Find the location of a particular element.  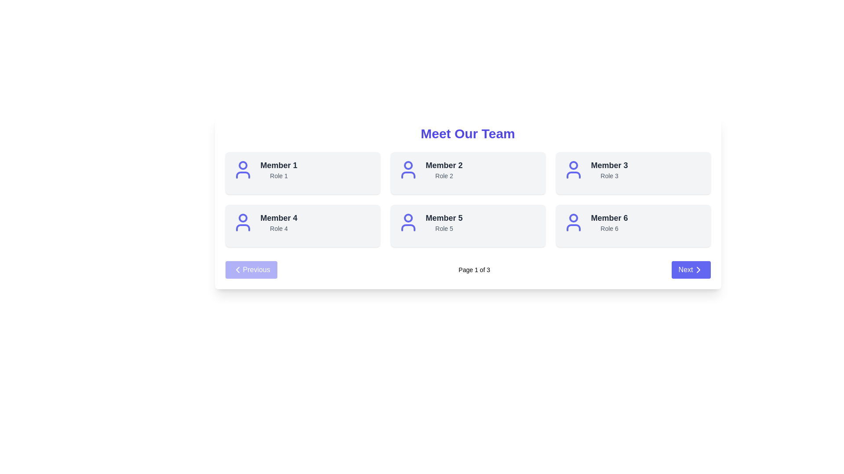

the first Profile Card in the 'Meet Our Team' section is located at coordinates (302, 169).